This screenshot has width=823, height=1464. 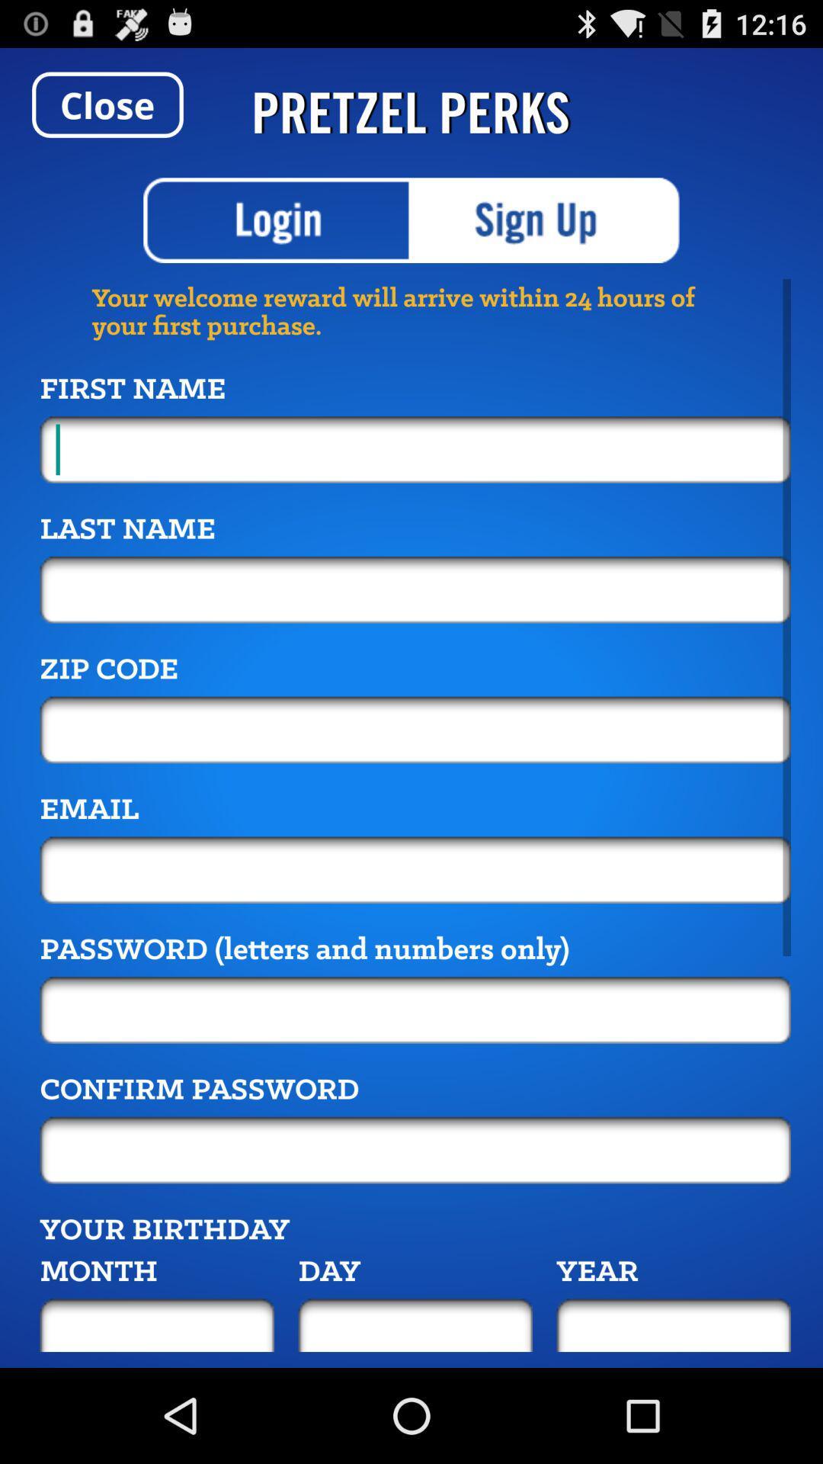 I want to click on because back devicer, so click(x=415, y=870).